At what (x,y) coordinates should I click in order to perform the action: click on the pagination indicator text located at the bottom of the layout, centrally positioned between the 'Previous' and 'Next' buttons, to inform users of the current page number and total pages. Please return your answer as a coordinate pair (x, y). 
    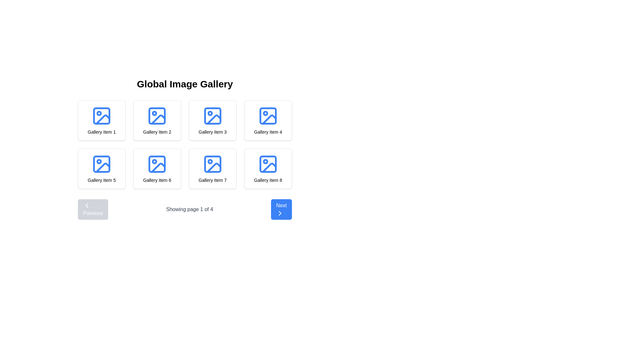
    Looking at the image, I should click on (184, 209).